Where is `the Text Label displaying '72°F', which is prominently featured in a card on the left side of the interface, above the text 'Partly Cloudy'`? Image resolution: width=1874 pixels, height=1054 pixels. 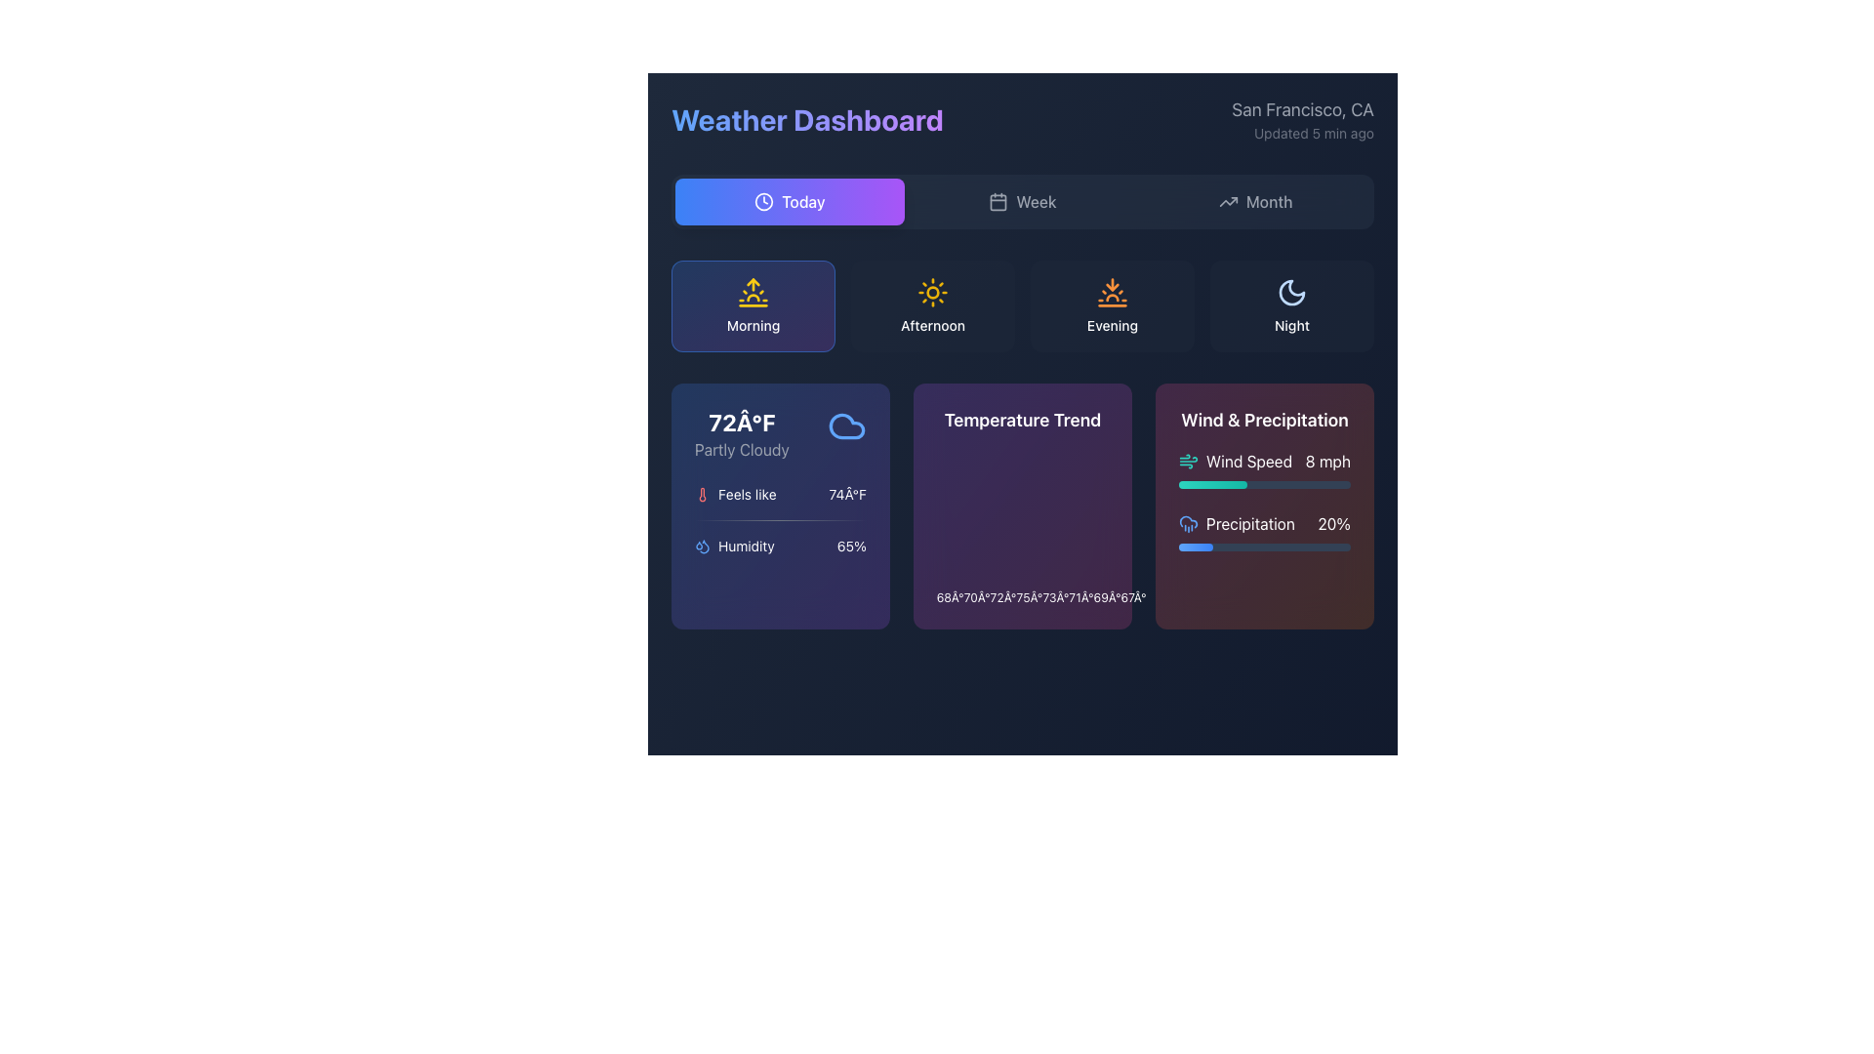
the Text Label displaying '72°F', which is prominently featured in a card on the left side of the interface, above the text 'Partly Cloudy' is located at coordinates (741, 421).